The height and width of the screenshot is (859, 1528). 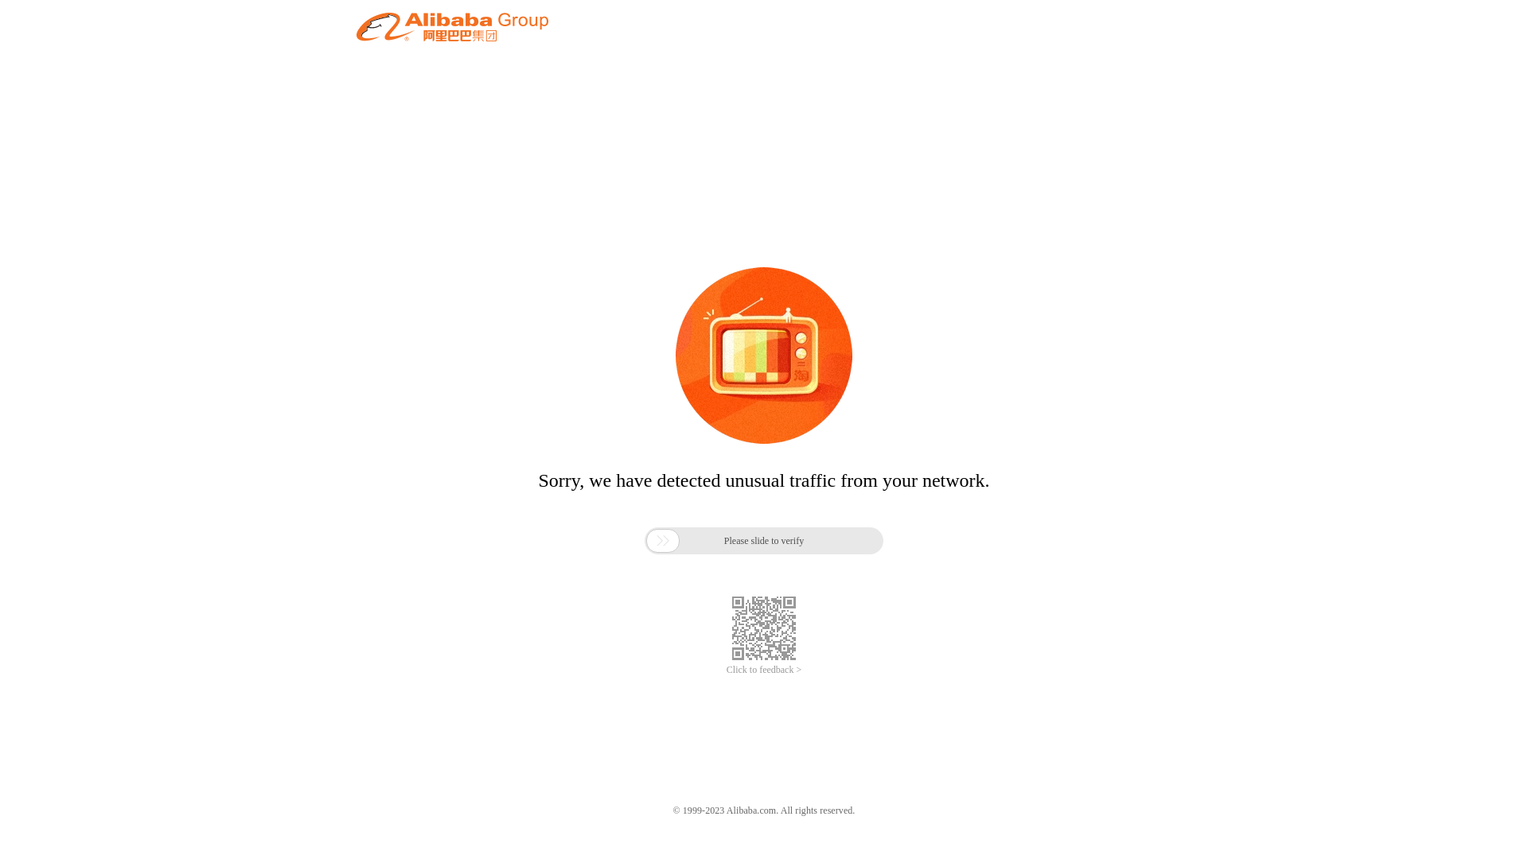 What do you see at coordinates (764, 670) in the screenshot?
I see `'Click to feedback >'` at bounding box center [764, 670].